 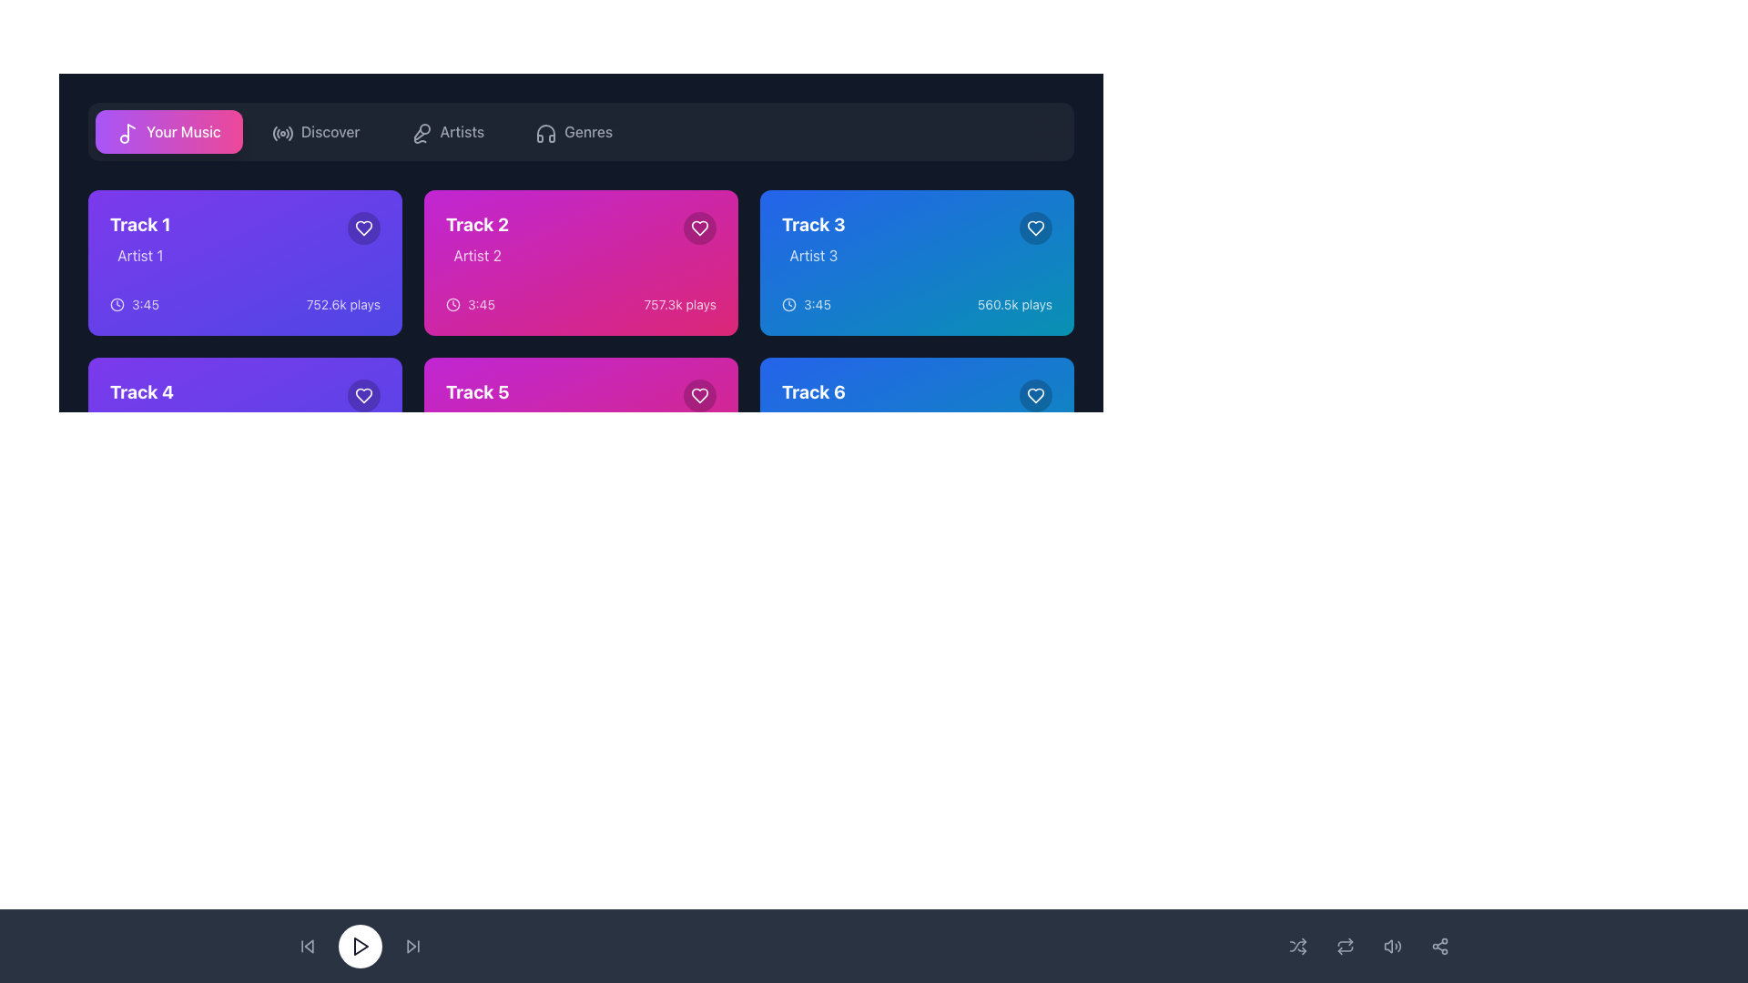 I want to click on the favorite action button located in the top-right area of the card labeled 'Track 1' to mark the track as a favorite, so click(x=363, y=227).